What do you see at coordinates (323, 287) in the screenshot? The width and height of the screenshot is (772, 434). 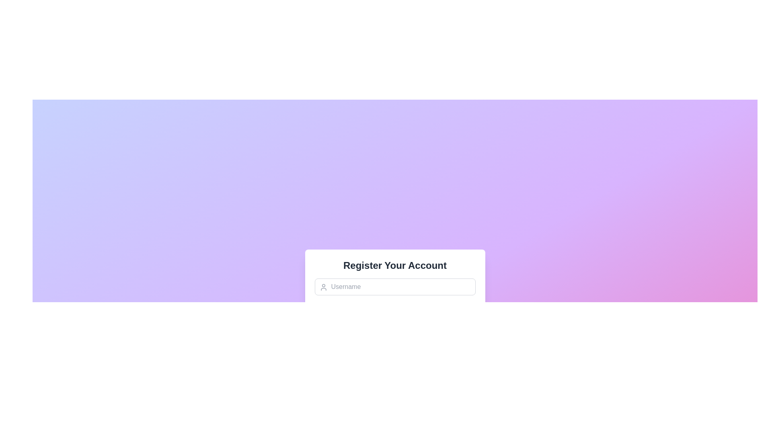 I see `the user/account icon located inside the input field for 'Username', which is positioned below the 'Register Your Account' title` at bounding box center [323, 287].